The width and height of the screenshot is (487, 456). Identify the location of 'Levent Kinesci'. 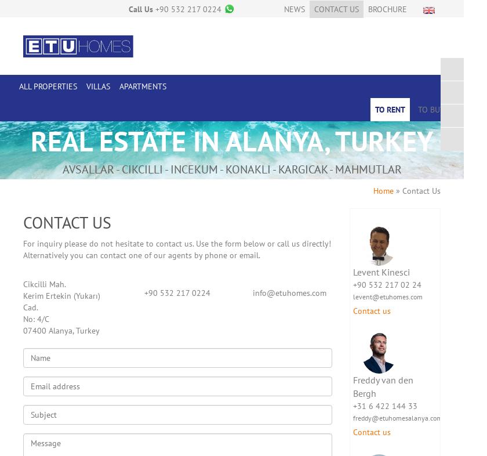
(380, 272).